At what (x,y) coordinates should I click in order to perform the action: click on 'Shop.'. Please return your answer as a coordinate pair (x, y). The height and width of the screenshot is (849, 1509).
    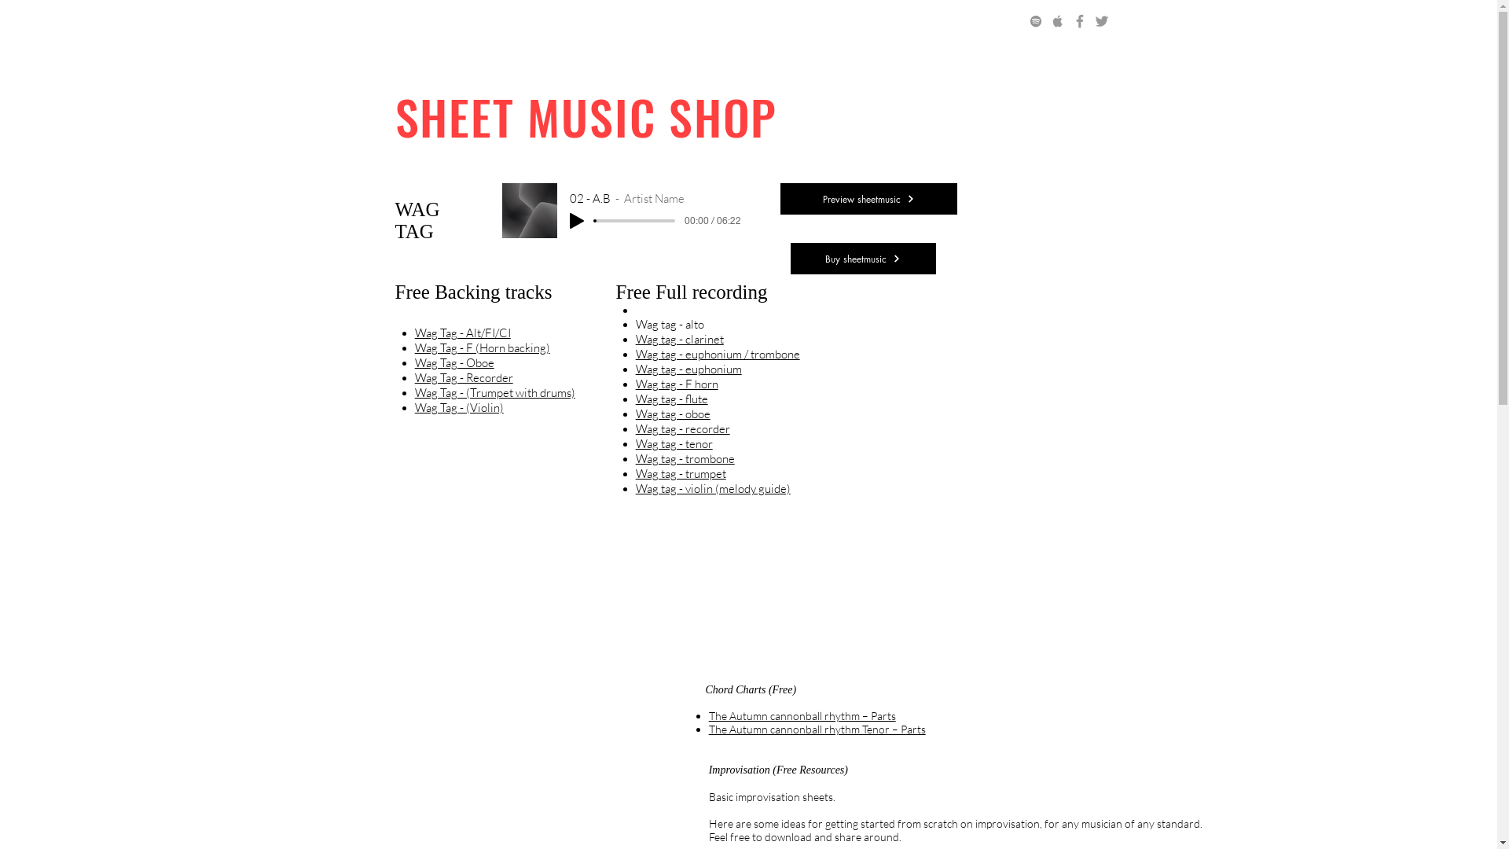
    Looking at the image, I should click on (629, 23).